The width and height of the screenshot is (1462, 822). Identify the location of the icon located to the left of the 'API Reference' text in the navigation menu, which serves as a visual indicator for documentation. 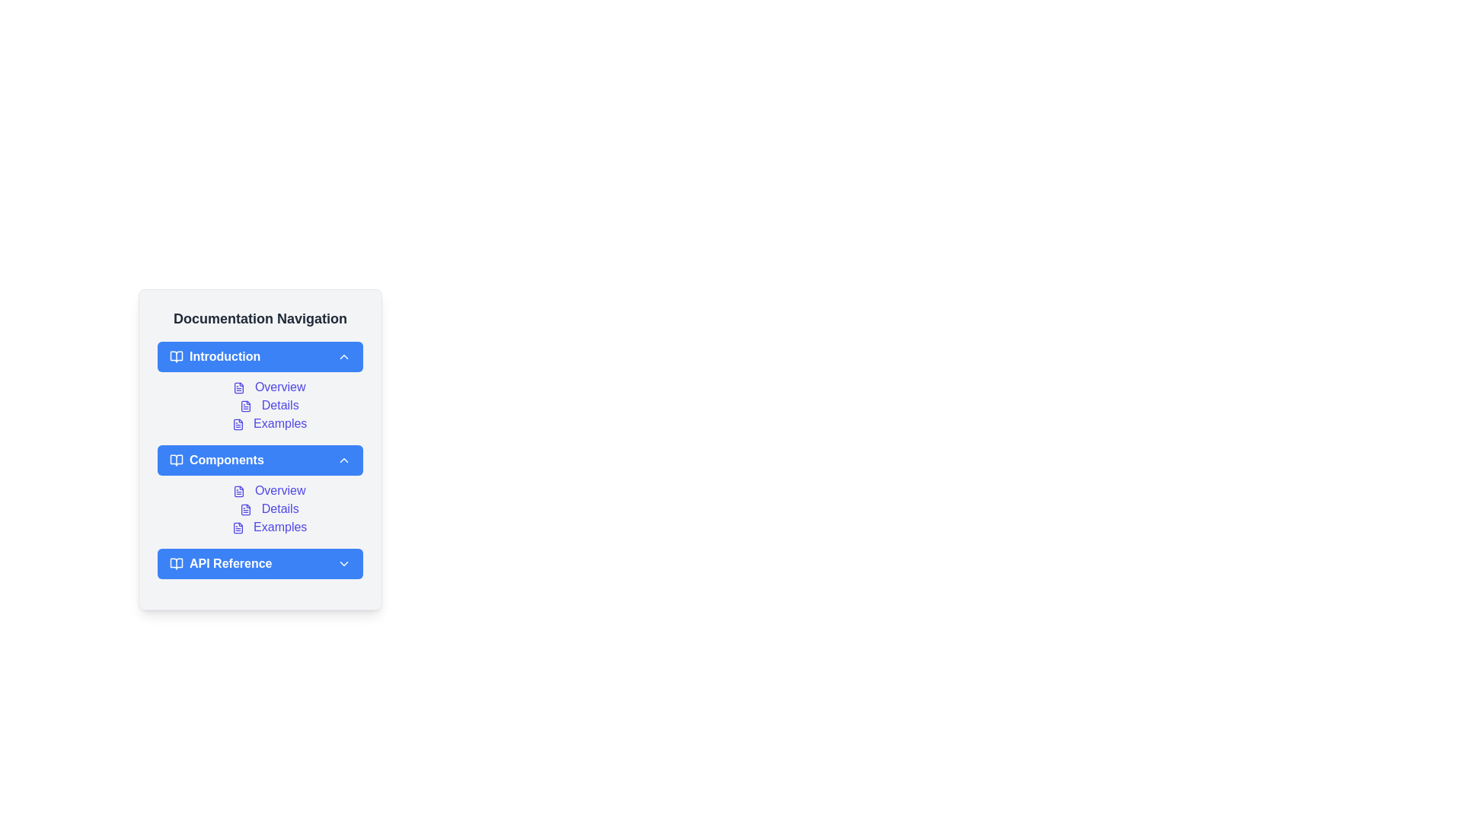
(176, 563).